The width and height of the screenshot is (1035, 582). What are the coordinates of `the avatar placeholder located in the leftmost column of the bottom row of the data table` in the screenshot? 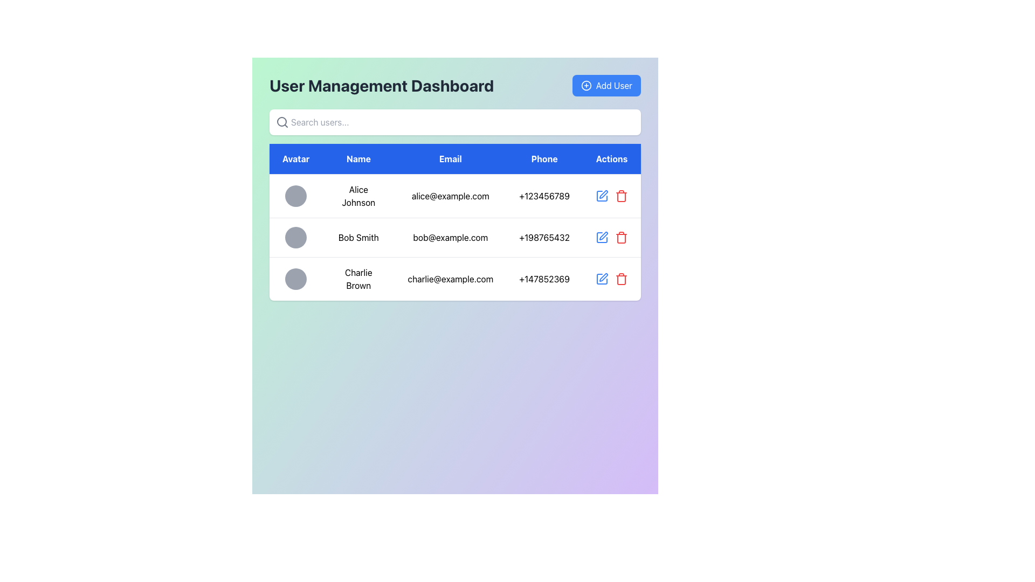 It's located at (296, 278).